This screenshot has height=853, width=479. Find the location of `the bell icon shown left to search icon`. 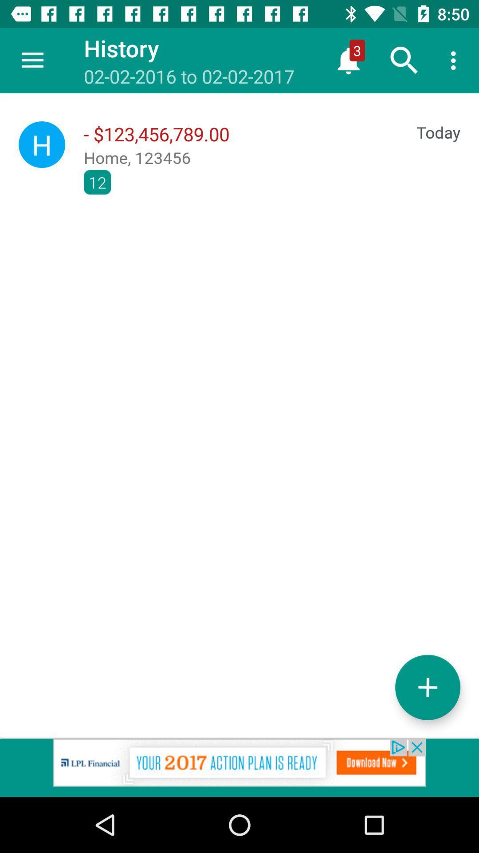

the bell icon shown left to search icon is located at coordinates (348, 60).